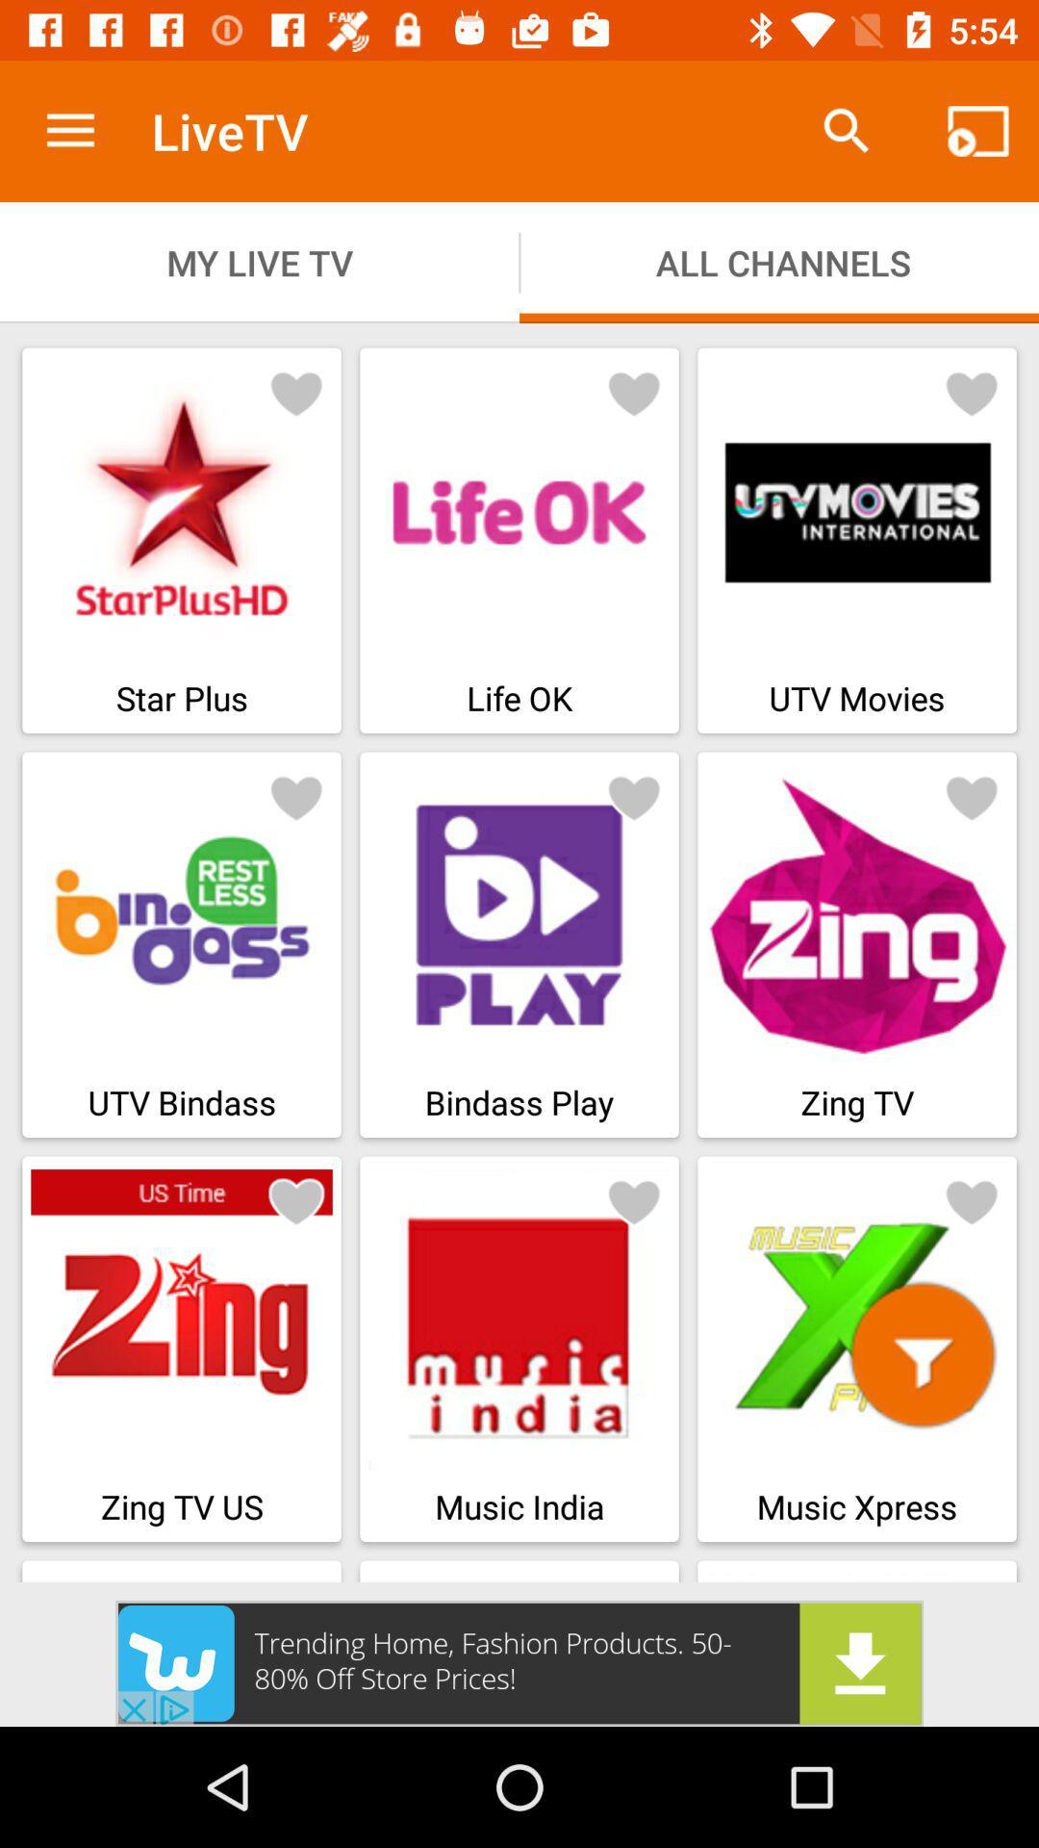  Describe the element at coordinates (519, 1662) in the screenshot. I see `advertisement link` at that location.